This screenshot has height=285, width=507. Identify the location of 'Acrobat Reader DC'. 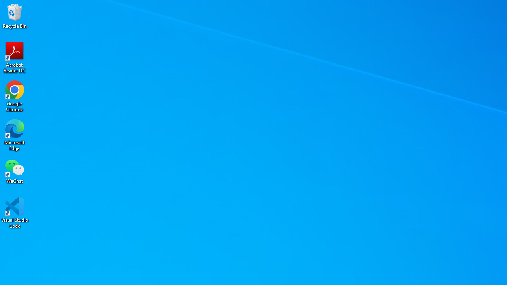
(15, 57).